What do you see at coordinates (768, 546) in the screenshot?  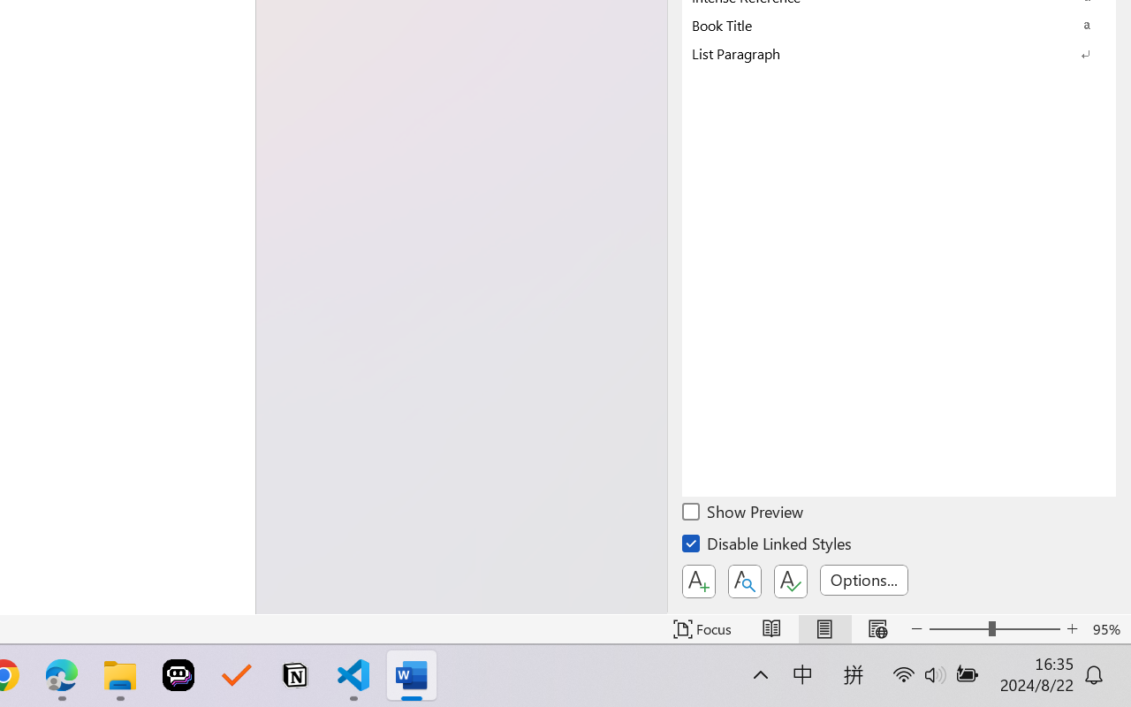 I see `'Disable Linked Styles'` at bounding box center [768, 546].